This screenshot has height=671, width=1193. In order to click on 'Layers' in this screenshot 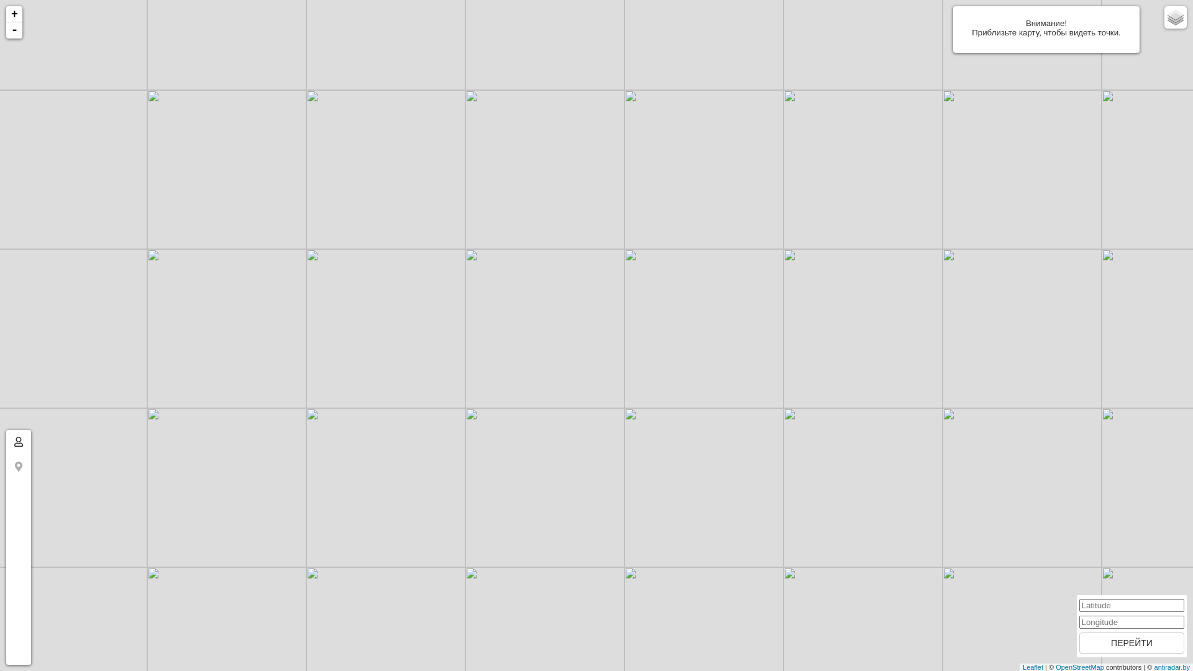, I will do `click(1163, 17)`.